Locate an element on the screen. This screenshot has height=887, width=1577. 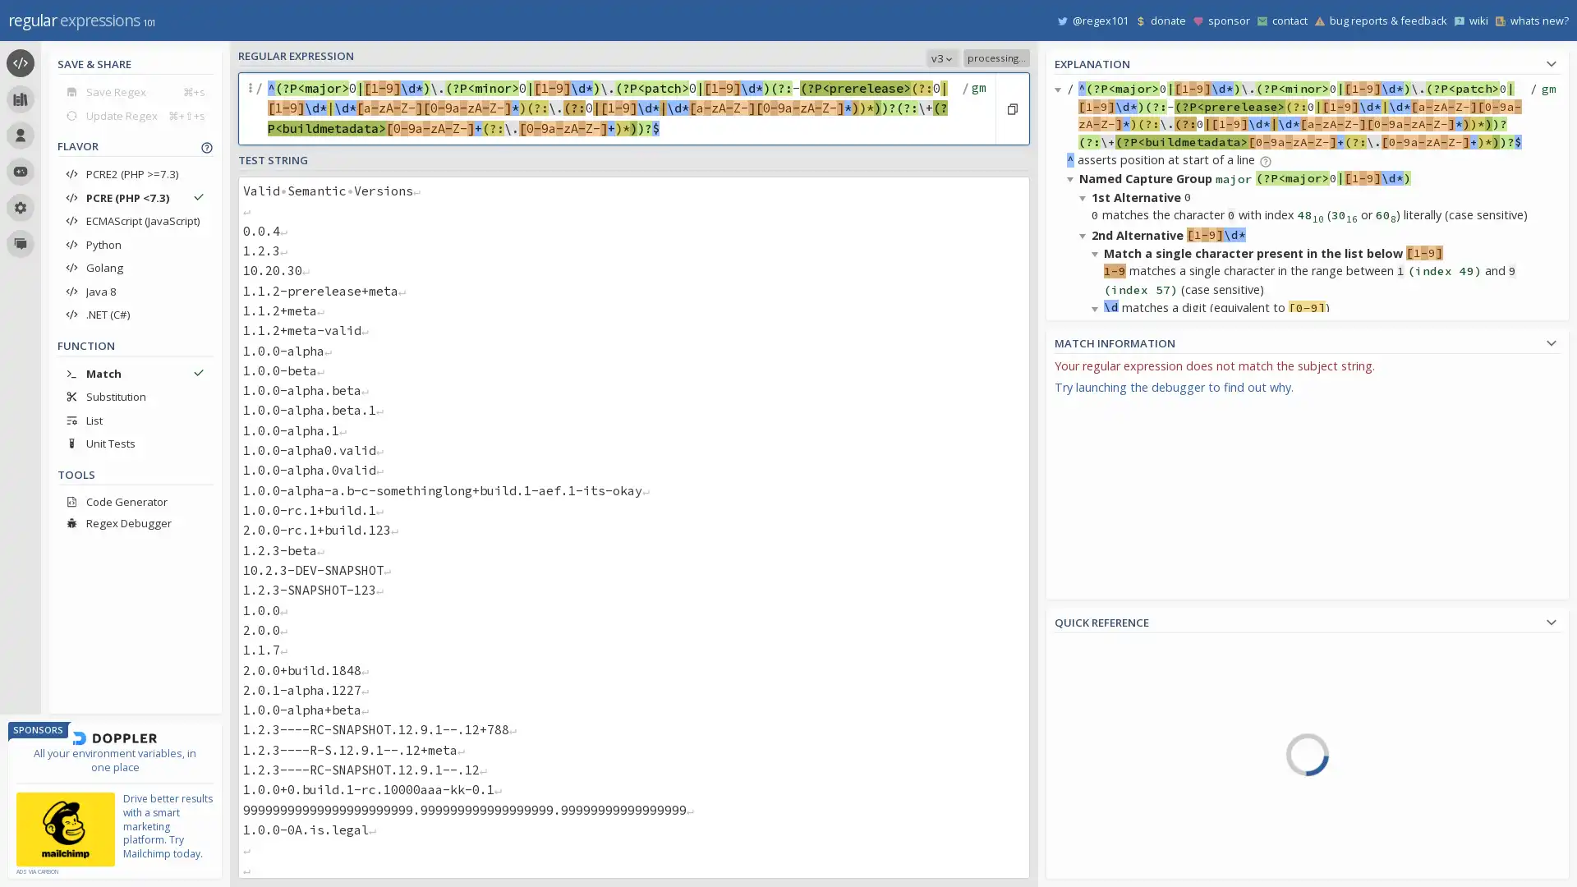
Collapse Subtree is located at coordinates (1097, 253).